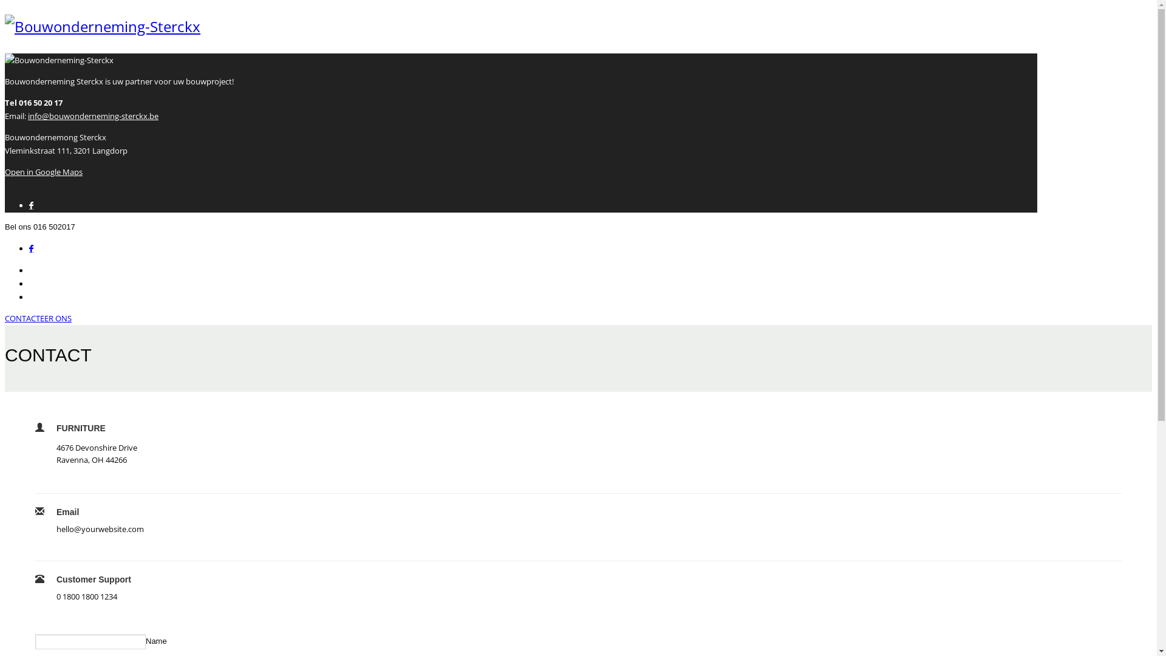 This screenshot has width=1166, height=656. Describe the element at coordinates (38, 318) in the screenshot. I see `'CONTACTEER ONS'` at that location.